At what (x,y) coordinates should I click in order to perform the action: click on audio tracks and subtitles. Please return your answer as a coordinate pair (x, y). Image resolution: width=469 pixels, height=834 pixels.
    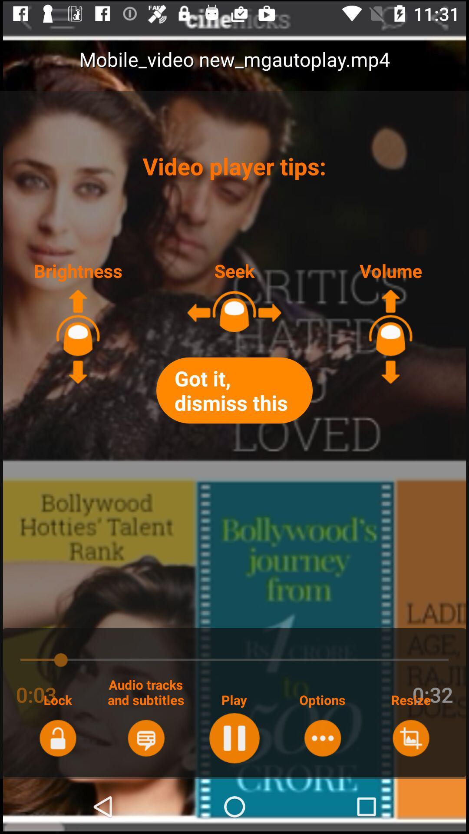
    Looking at the image, I should click on (145, 738).